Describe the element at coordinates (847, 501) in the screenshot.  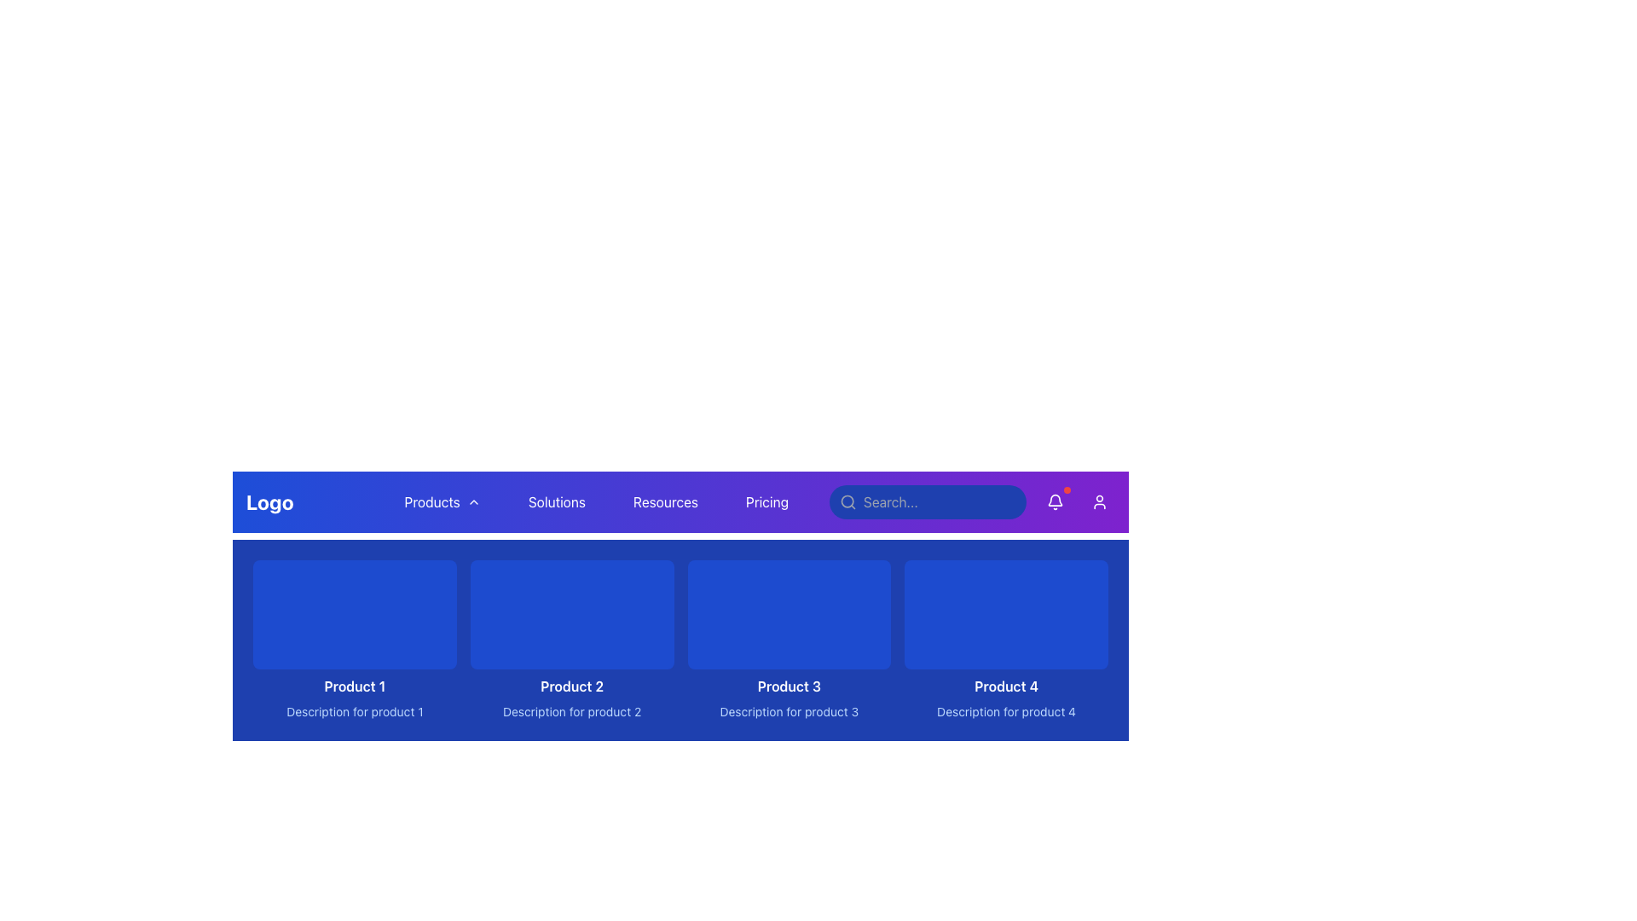
I see `the gray magnifying glass icon located on the left side of the search bar in the navigation header` at that location.